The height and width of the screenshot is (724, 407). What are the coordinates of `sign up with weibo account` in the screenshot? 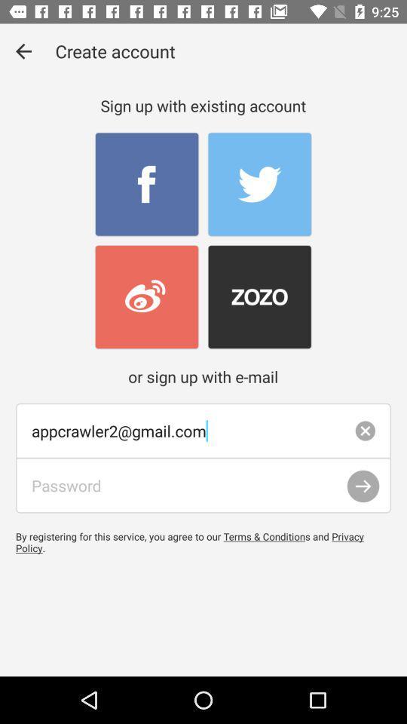 It's located at (147, 296).